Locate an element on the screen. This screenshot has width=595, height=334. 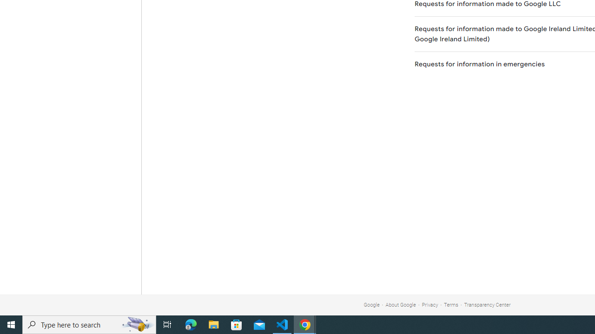
'Transparency Center' is located at coordinates (487, 305).